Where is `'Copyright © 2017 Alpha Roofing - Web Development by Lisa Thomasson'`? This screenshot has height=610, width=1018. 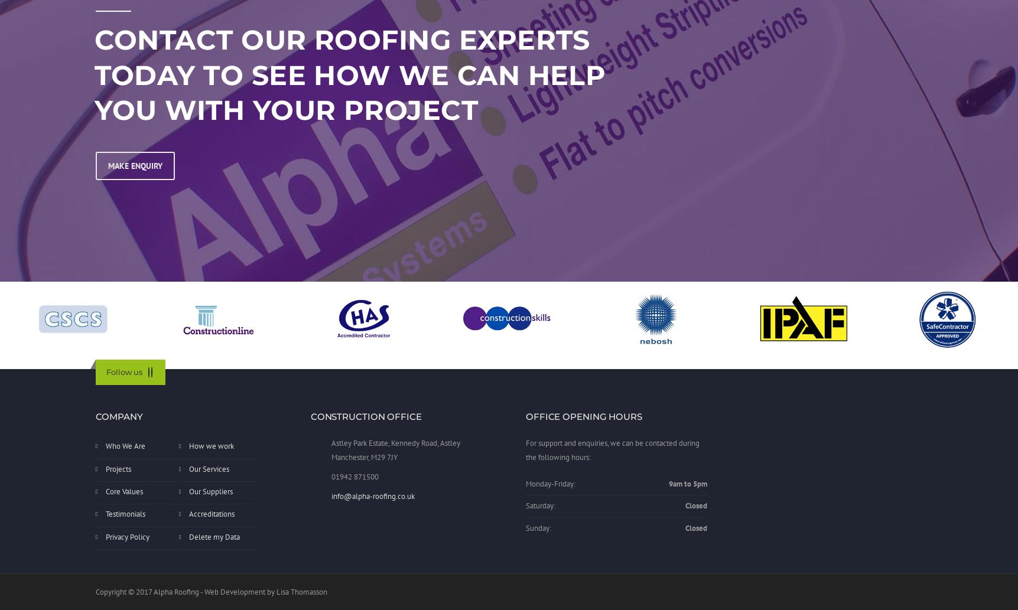 'Copyright © 2017 Alpha Roofing - Web Development by Lisa Thomasson' is located at coordinates (210, 591).